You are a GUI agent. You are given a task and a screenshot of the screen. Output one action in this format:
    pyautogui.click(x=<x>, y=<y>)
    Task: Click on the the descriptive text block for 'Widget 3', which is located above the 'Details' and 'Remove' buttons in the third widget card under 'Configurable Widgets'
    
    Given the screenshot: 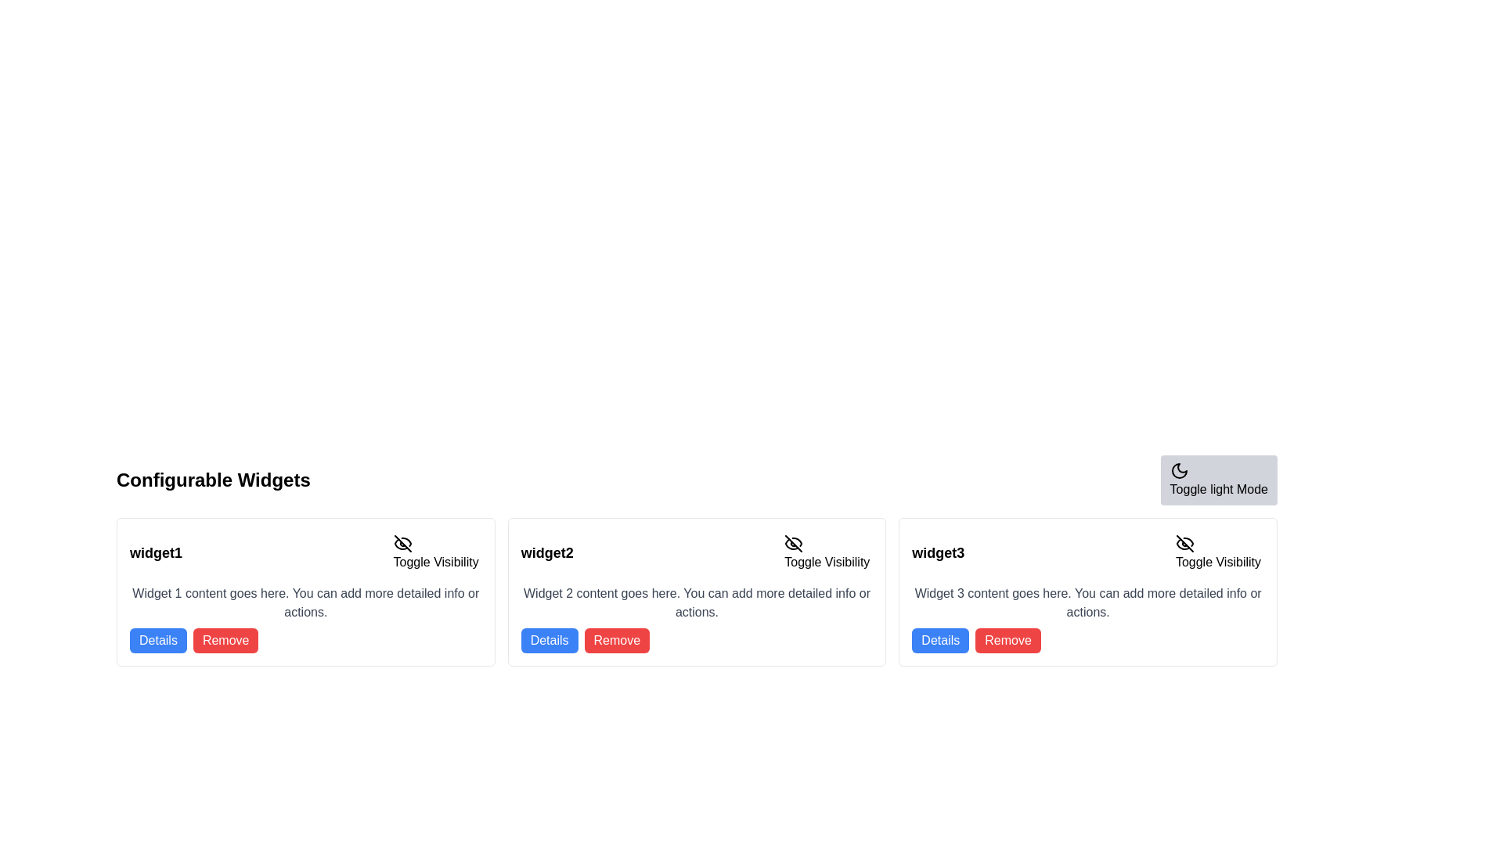 What is the action you would take?
    pyautogui.click(x=1087, y=602)
    